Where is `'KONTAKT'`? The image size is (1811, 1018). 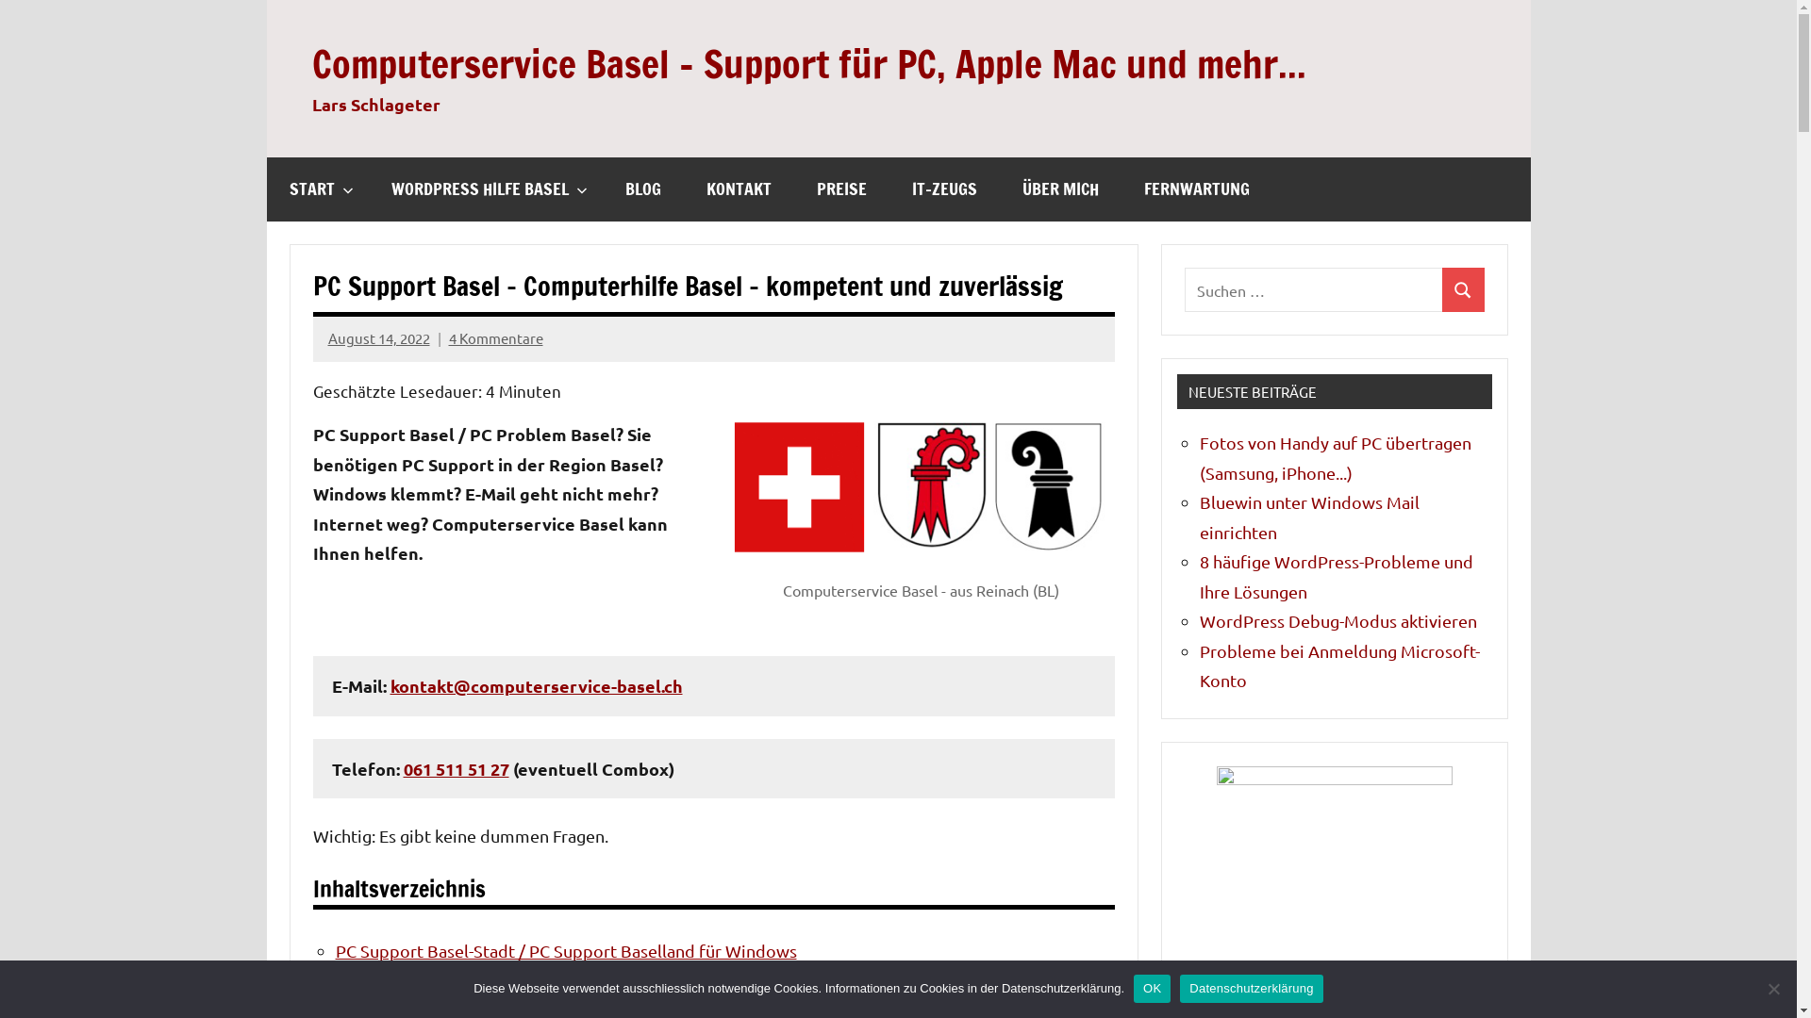
'KONTAKT' is located at coordinates (737, 189).